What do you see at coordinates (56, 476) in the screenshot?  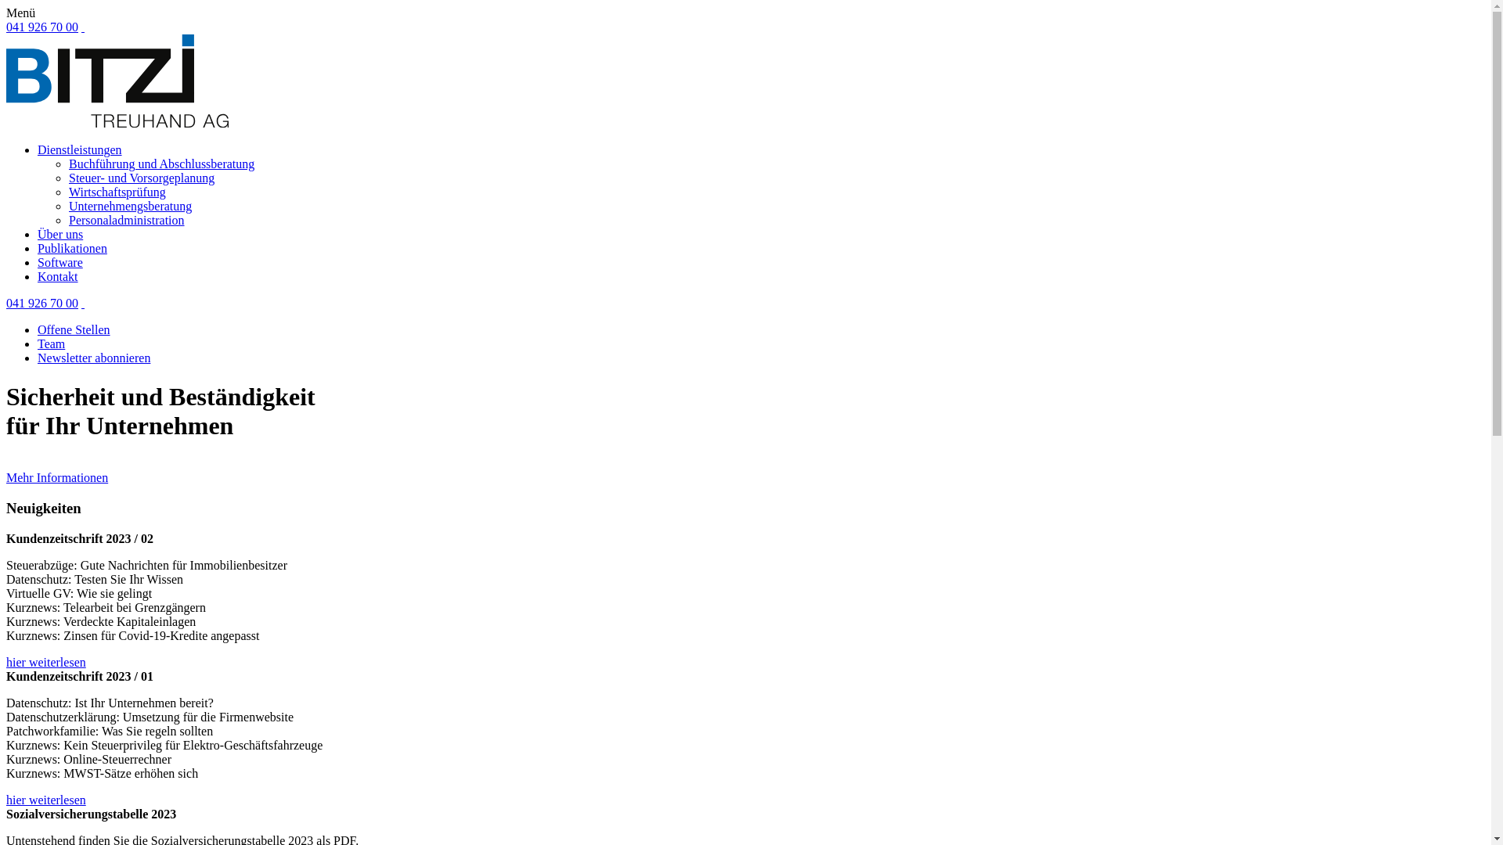 I see `'Mehr Informationen'` at bounding box center [56, 476].